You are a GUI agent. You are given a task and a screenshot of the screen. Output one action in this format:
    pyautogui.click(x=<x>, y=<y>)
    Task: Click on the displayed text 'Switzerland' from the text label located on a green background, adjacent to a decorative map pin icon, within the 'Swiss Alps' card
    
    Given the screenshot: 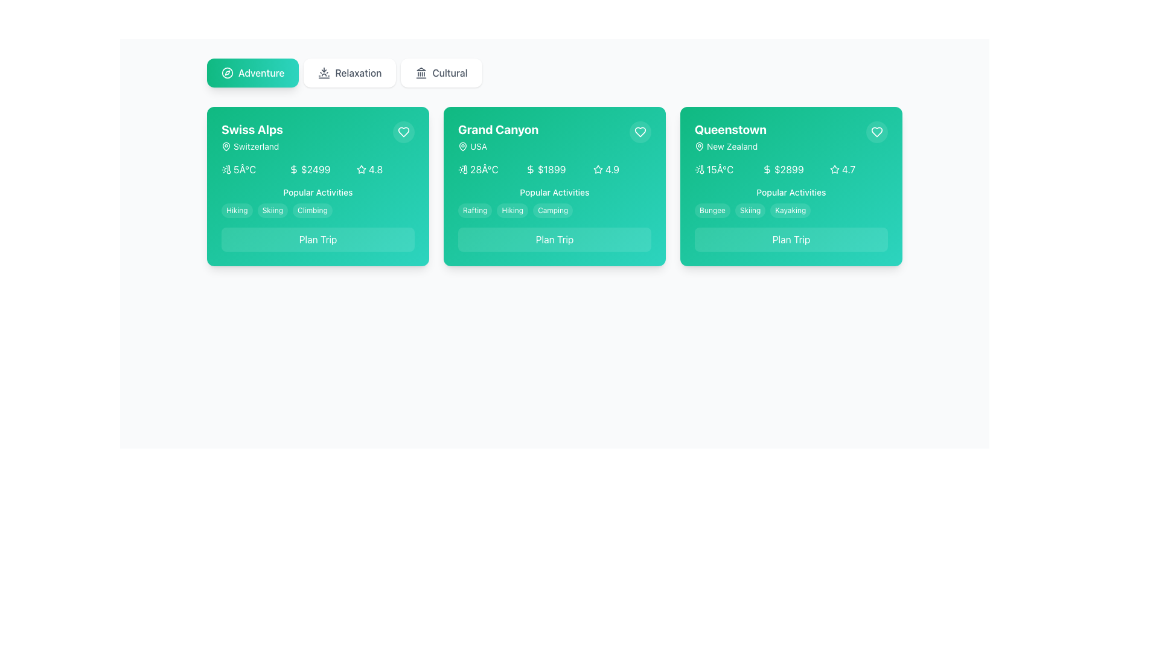 What is the action you would take?
    pyautogui.click(x=251, y=146)
    